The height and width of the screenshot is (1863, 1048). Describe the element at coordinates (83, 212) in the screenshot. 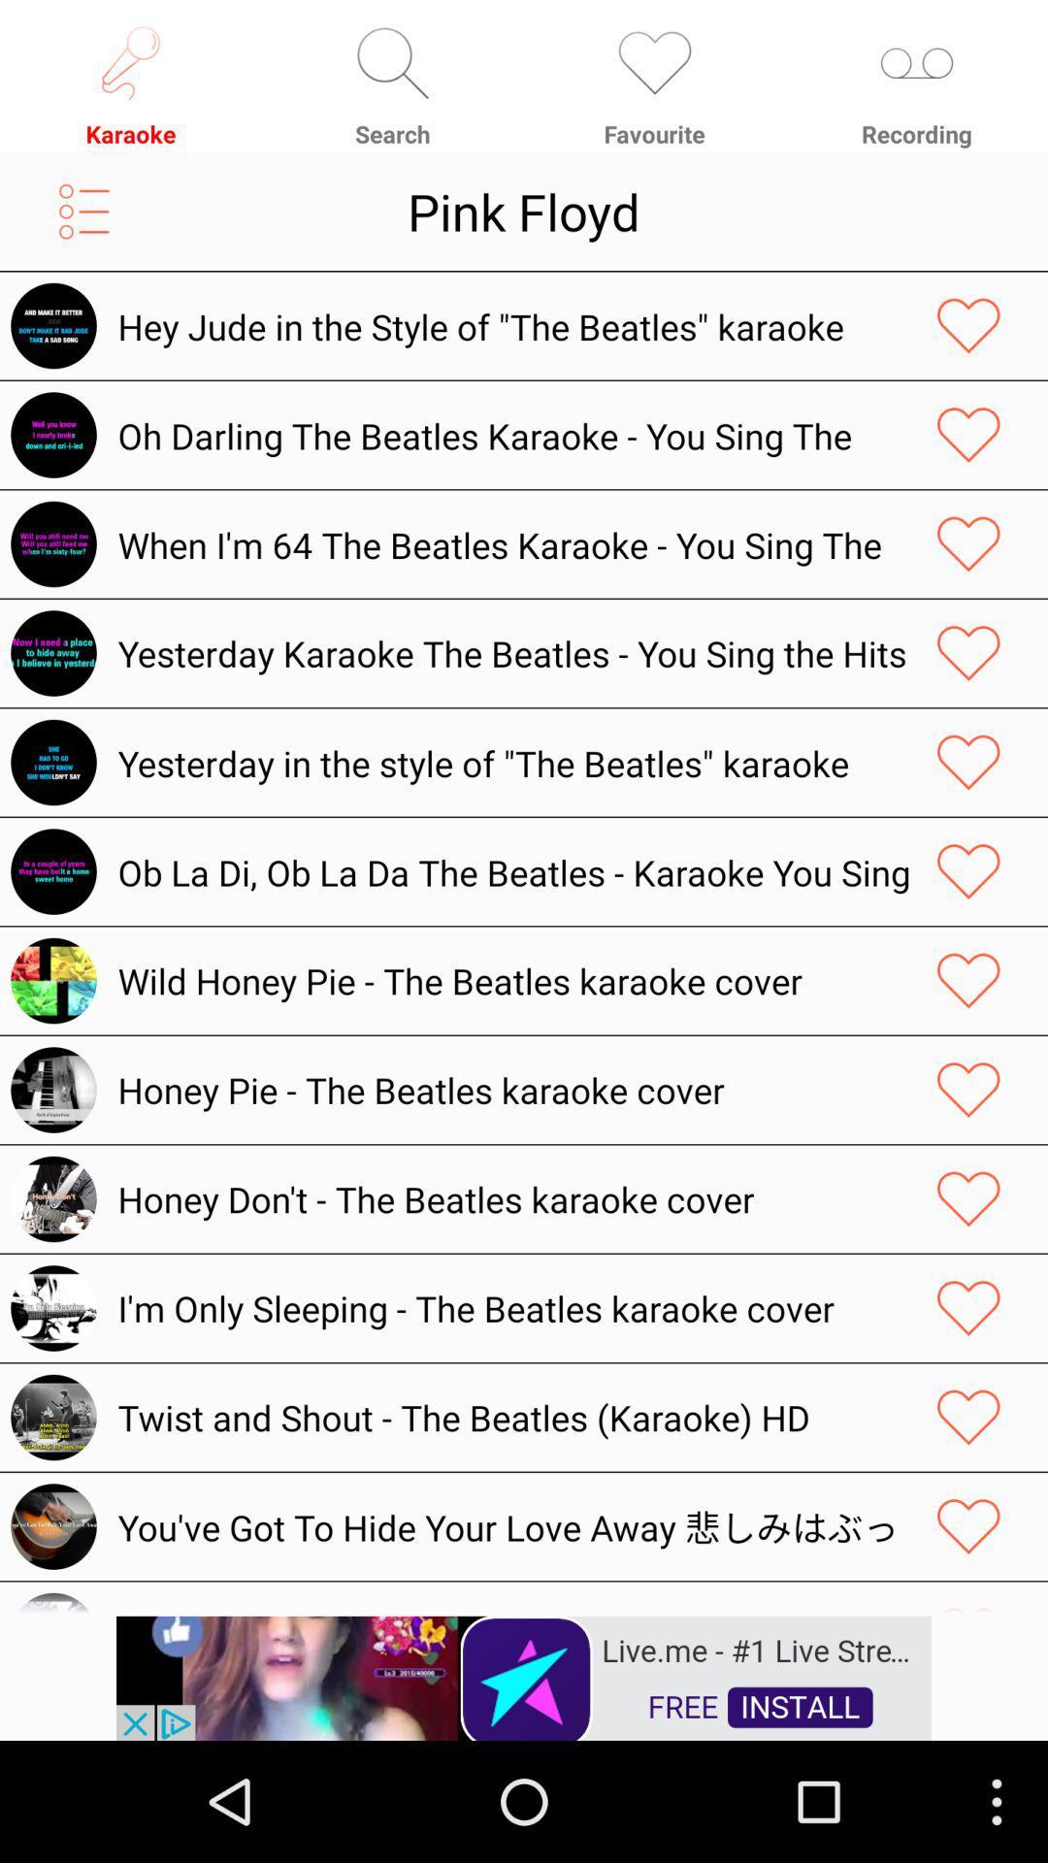

I see `open menu` at that location.